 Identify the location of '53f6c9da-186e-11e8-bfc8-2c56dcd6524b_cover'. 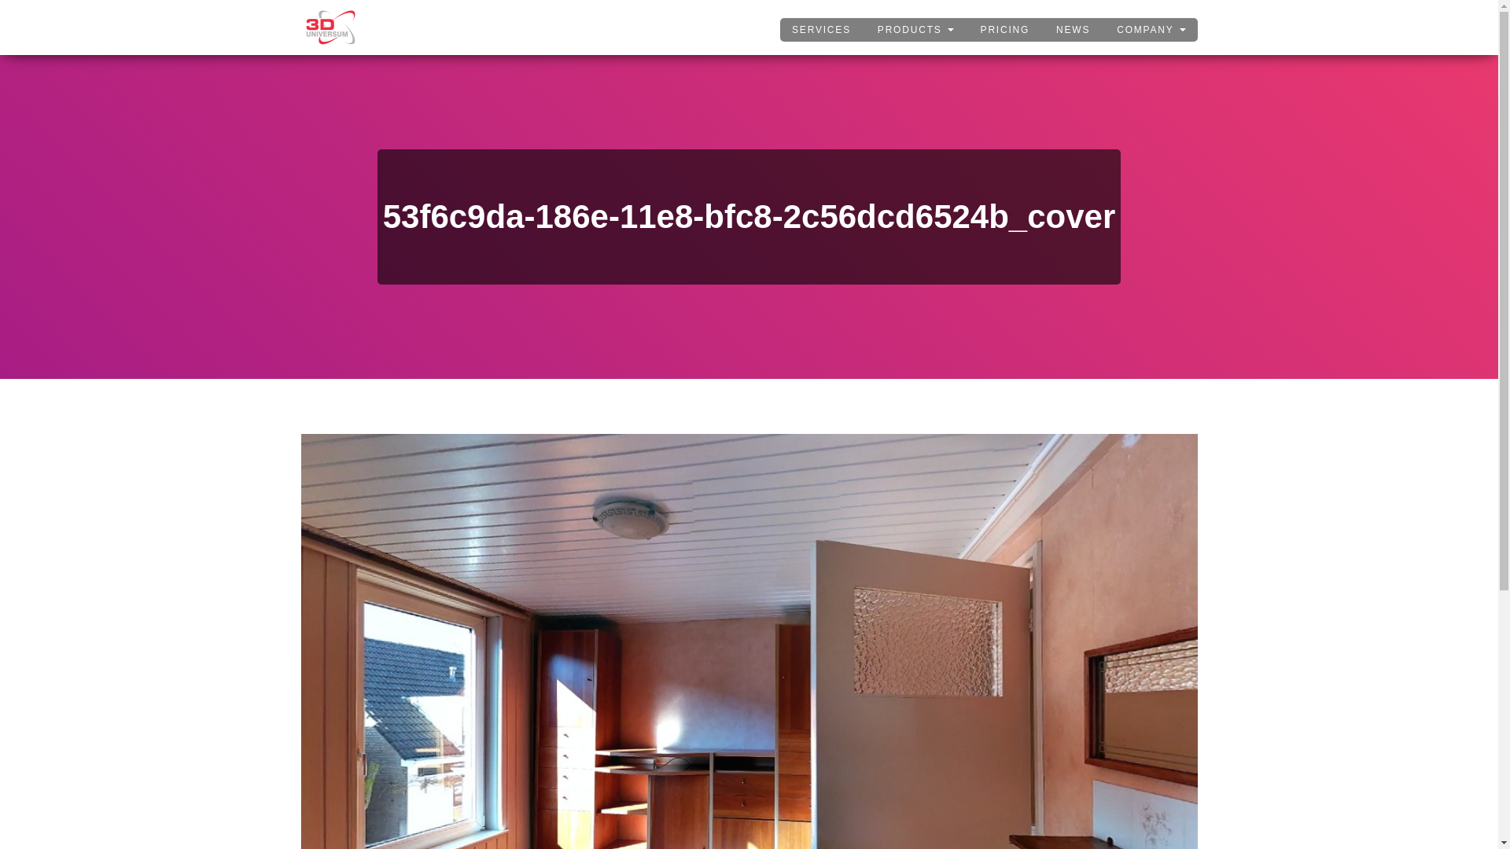
(300, 712).